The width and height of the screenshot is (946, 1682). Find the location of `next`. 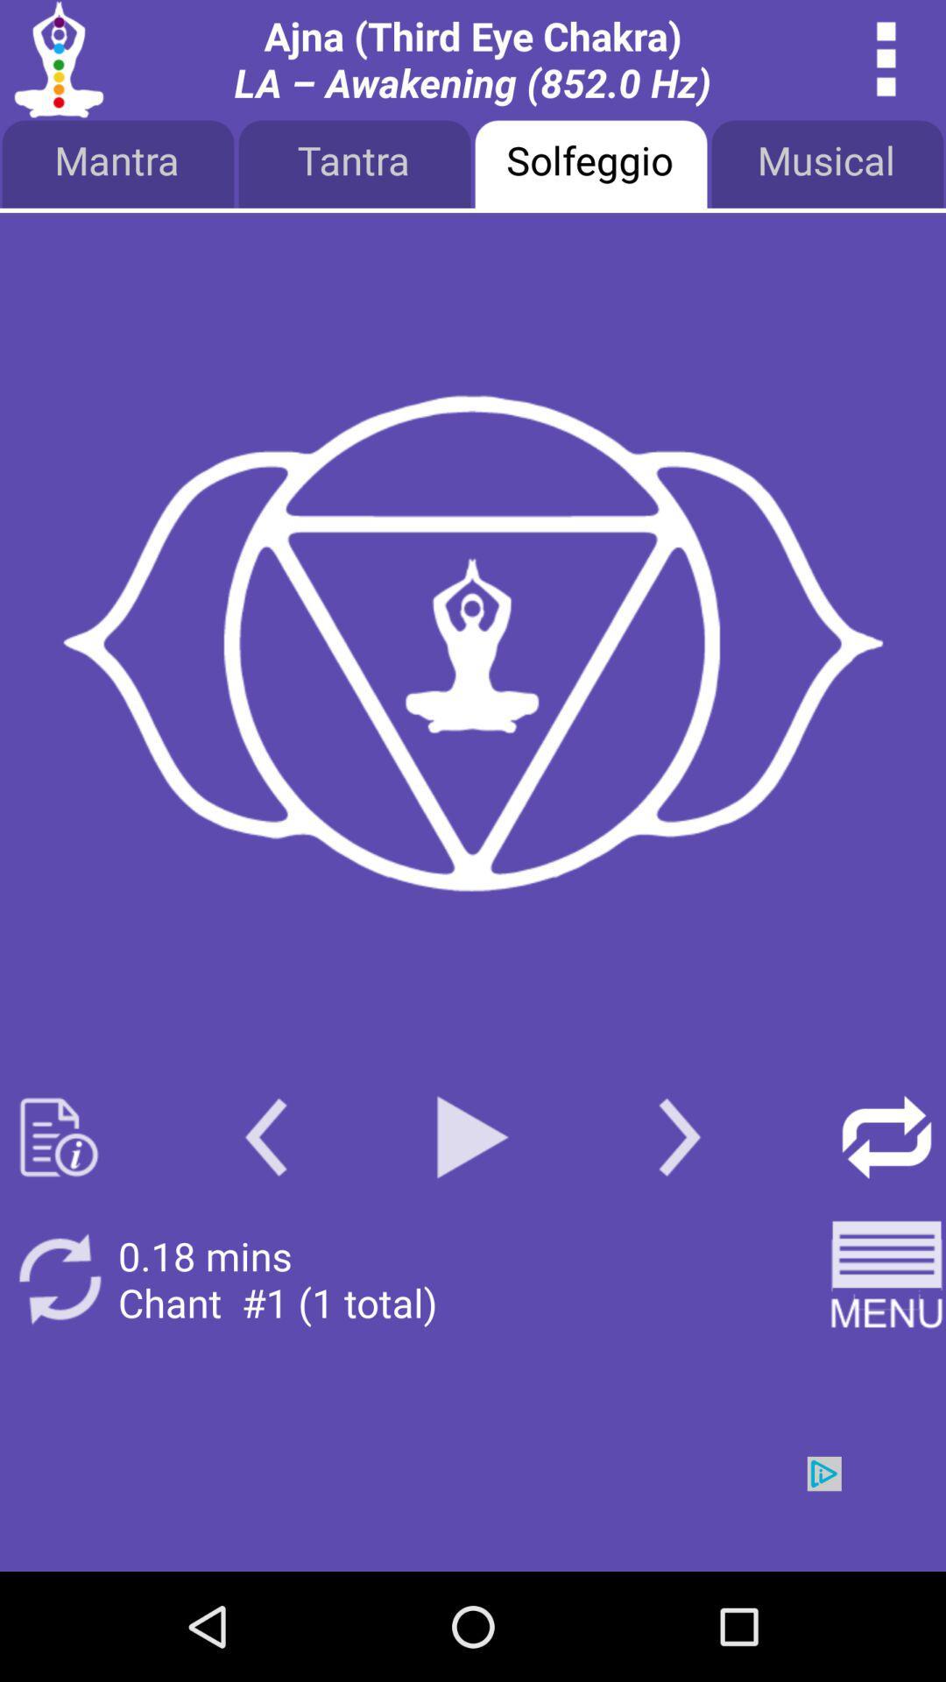

next is located at coordinates (473, 1513).